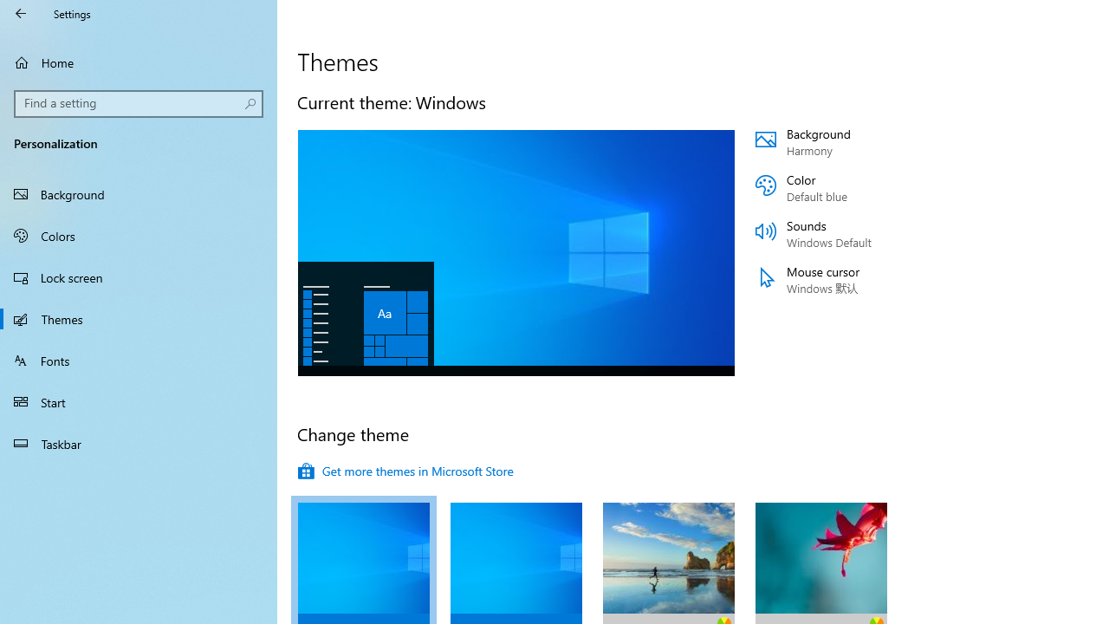 This screenshot has height=624, width=1109. I want to click on 'Back', so click(21, 13).